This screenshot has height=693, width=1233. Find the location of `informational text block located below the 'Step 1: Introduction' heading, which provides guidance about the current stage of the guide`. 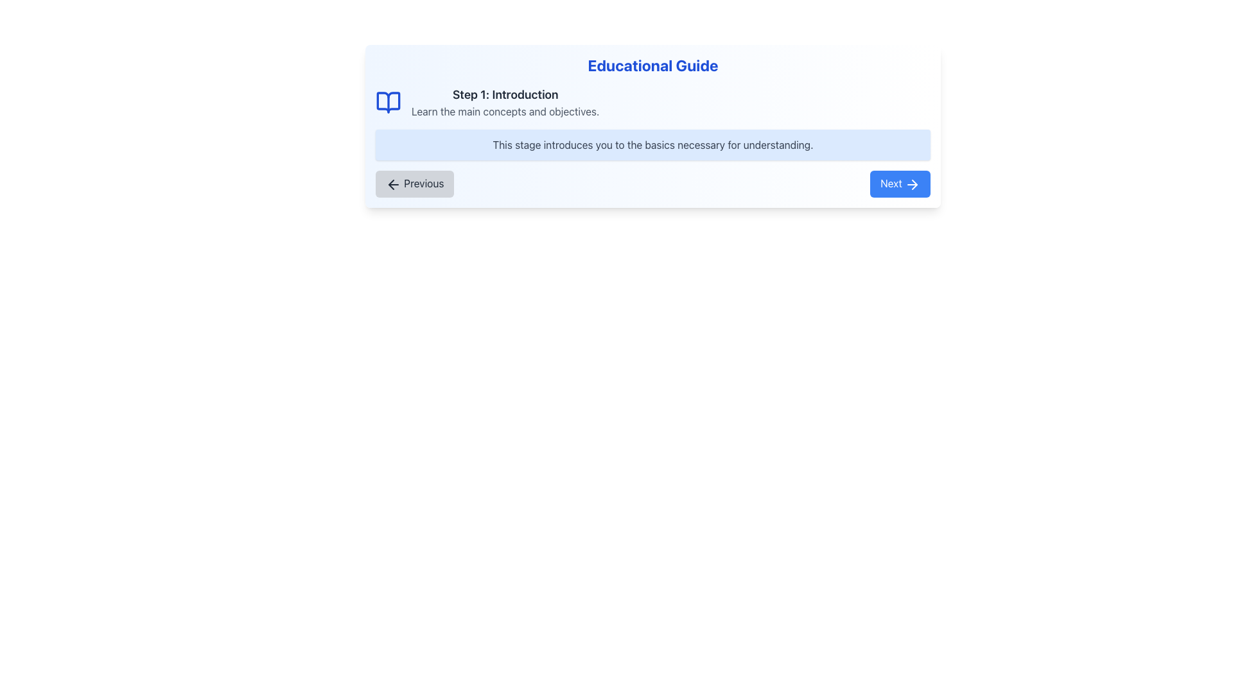

informational text block located below the 'Step 1: Introduction' heading, which provides guidance about the current stage of the guide is located at coordinates (653, 144).